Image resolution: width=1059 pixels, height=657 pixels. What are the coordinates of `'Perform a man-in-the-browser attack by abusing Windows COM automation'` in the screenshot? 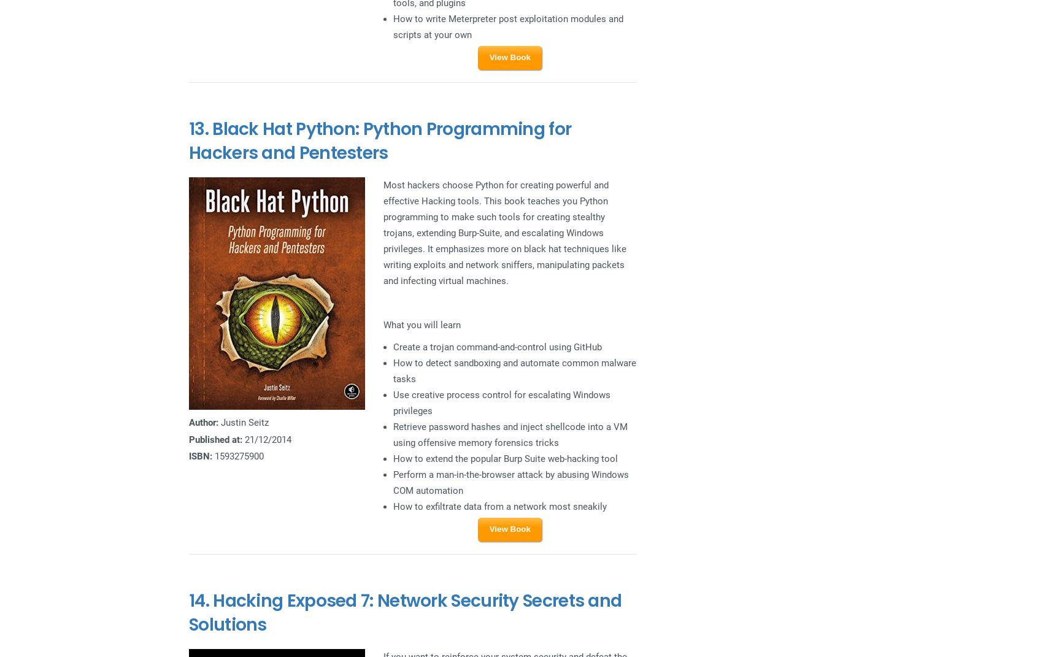 It's located at (392, 482).